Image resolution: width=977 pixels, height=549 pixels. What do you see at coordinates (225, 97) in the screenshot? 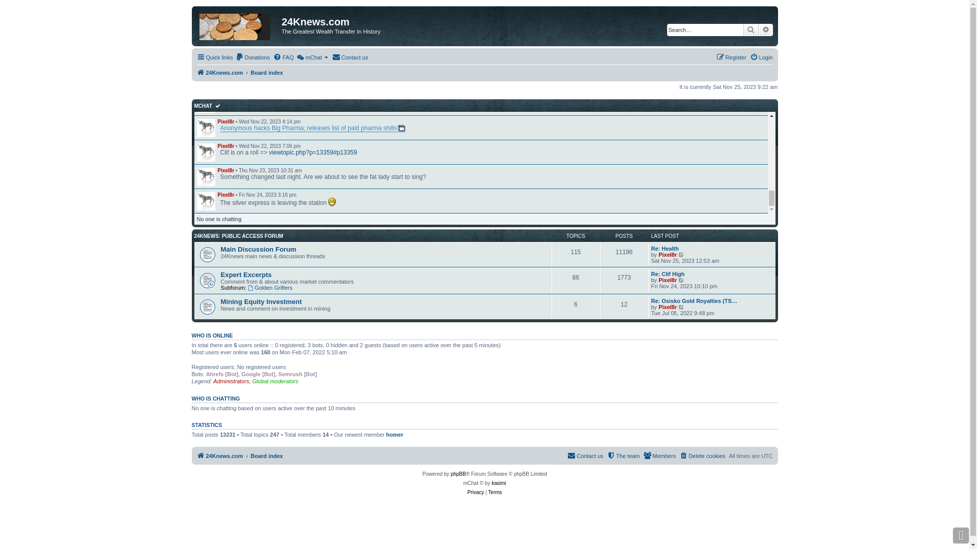
I see `'Pixel8r'` at bounding box center [225, 97].